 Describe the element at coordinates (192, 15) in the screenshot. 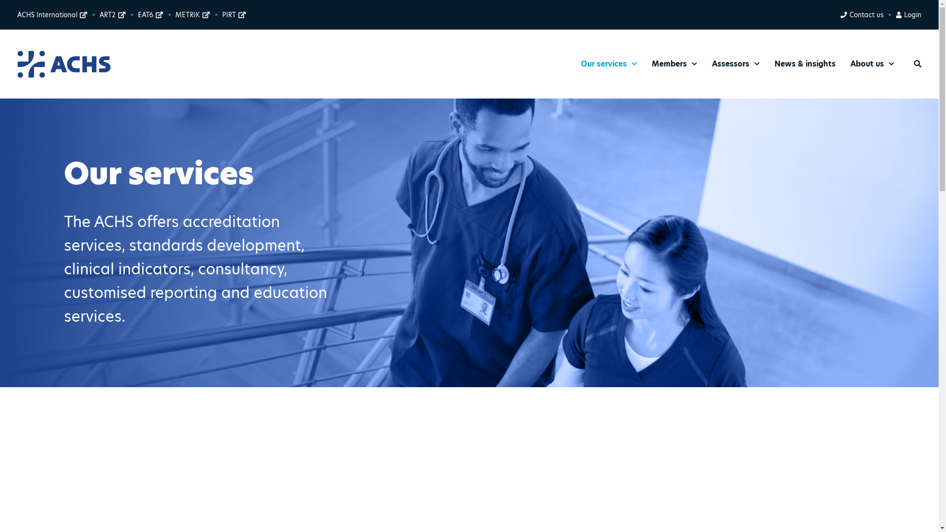

I see `'METRIK'` at that location.